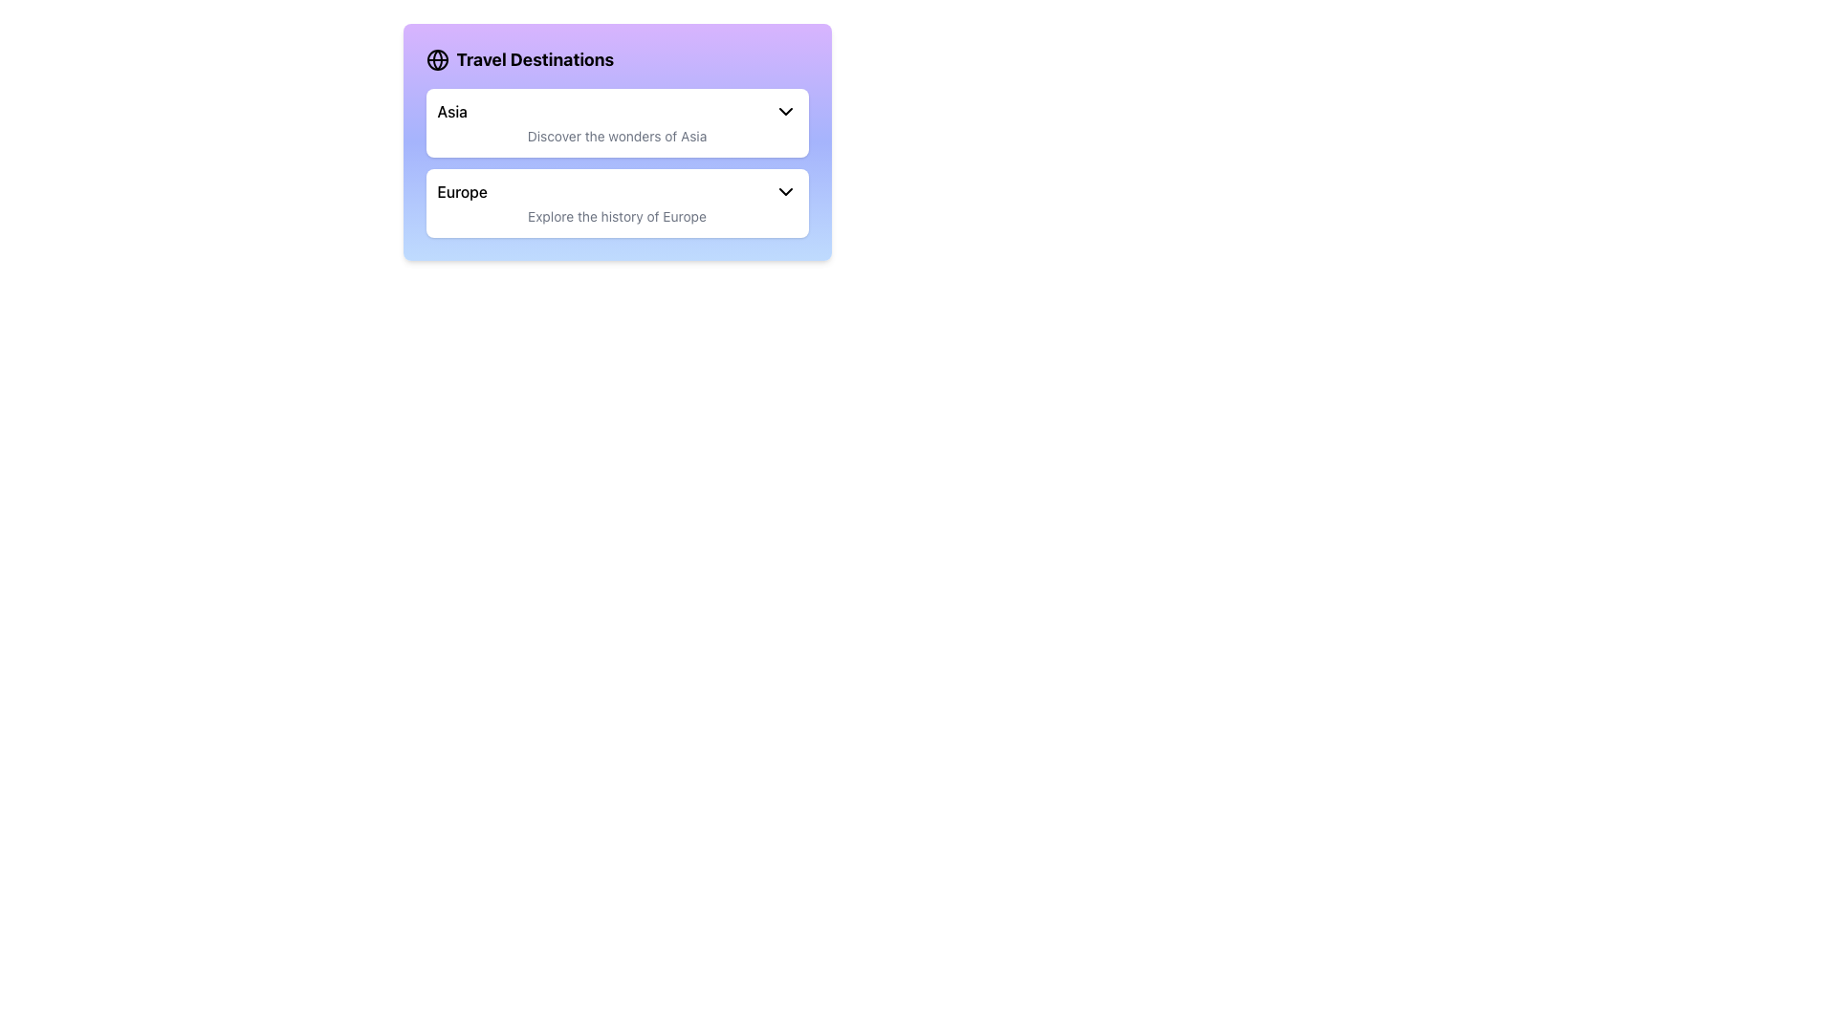 This screenshot has width=1836, height=1032. I want to click on the non-interactive Text Label located immediately below the main title 'Europe' to observe context or tooltips, so click(617, 216).